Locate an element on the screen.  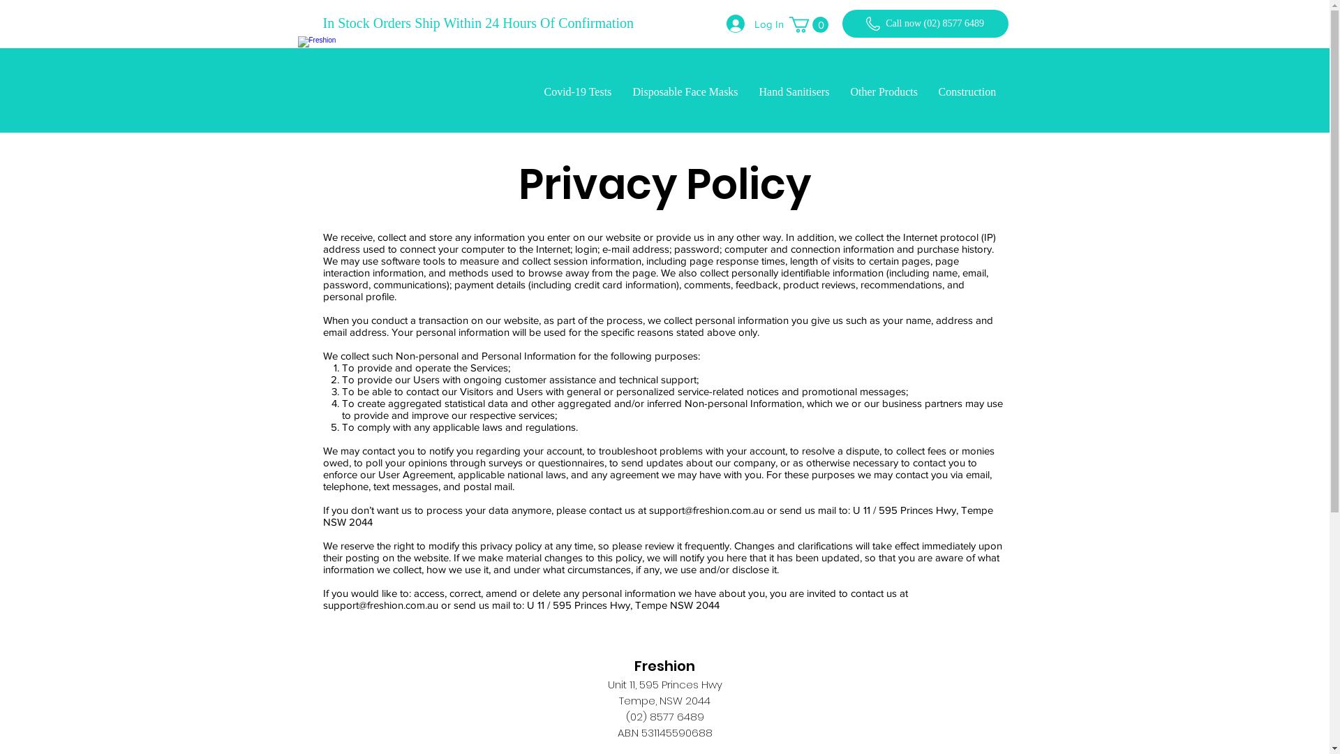
'Construction' is located at coordinates (967, 91).